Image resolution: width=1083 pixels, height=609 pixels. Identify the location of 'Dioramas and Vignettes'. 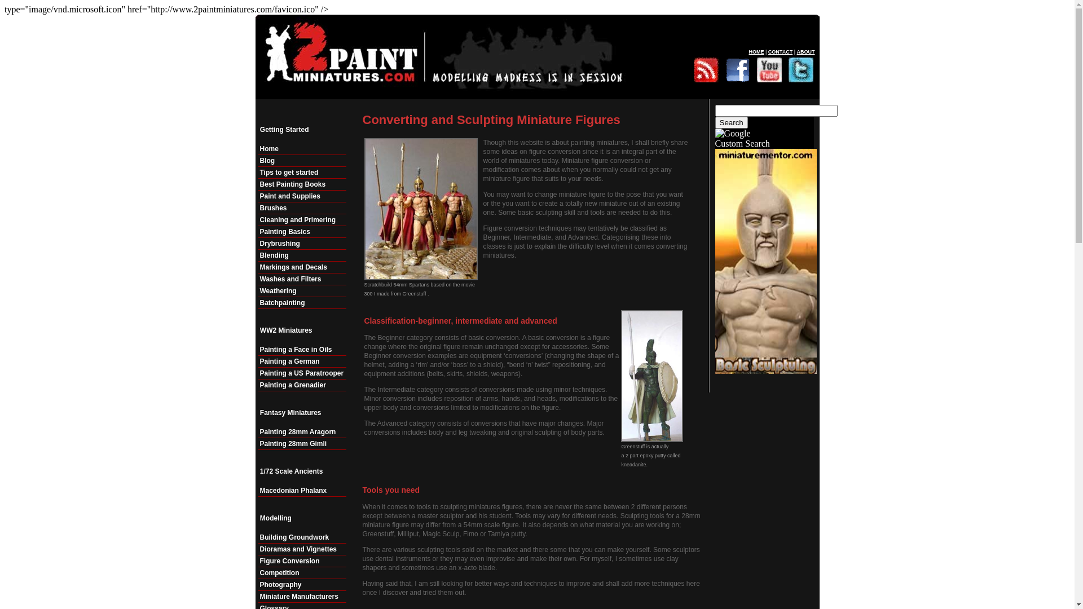
(302, 549).